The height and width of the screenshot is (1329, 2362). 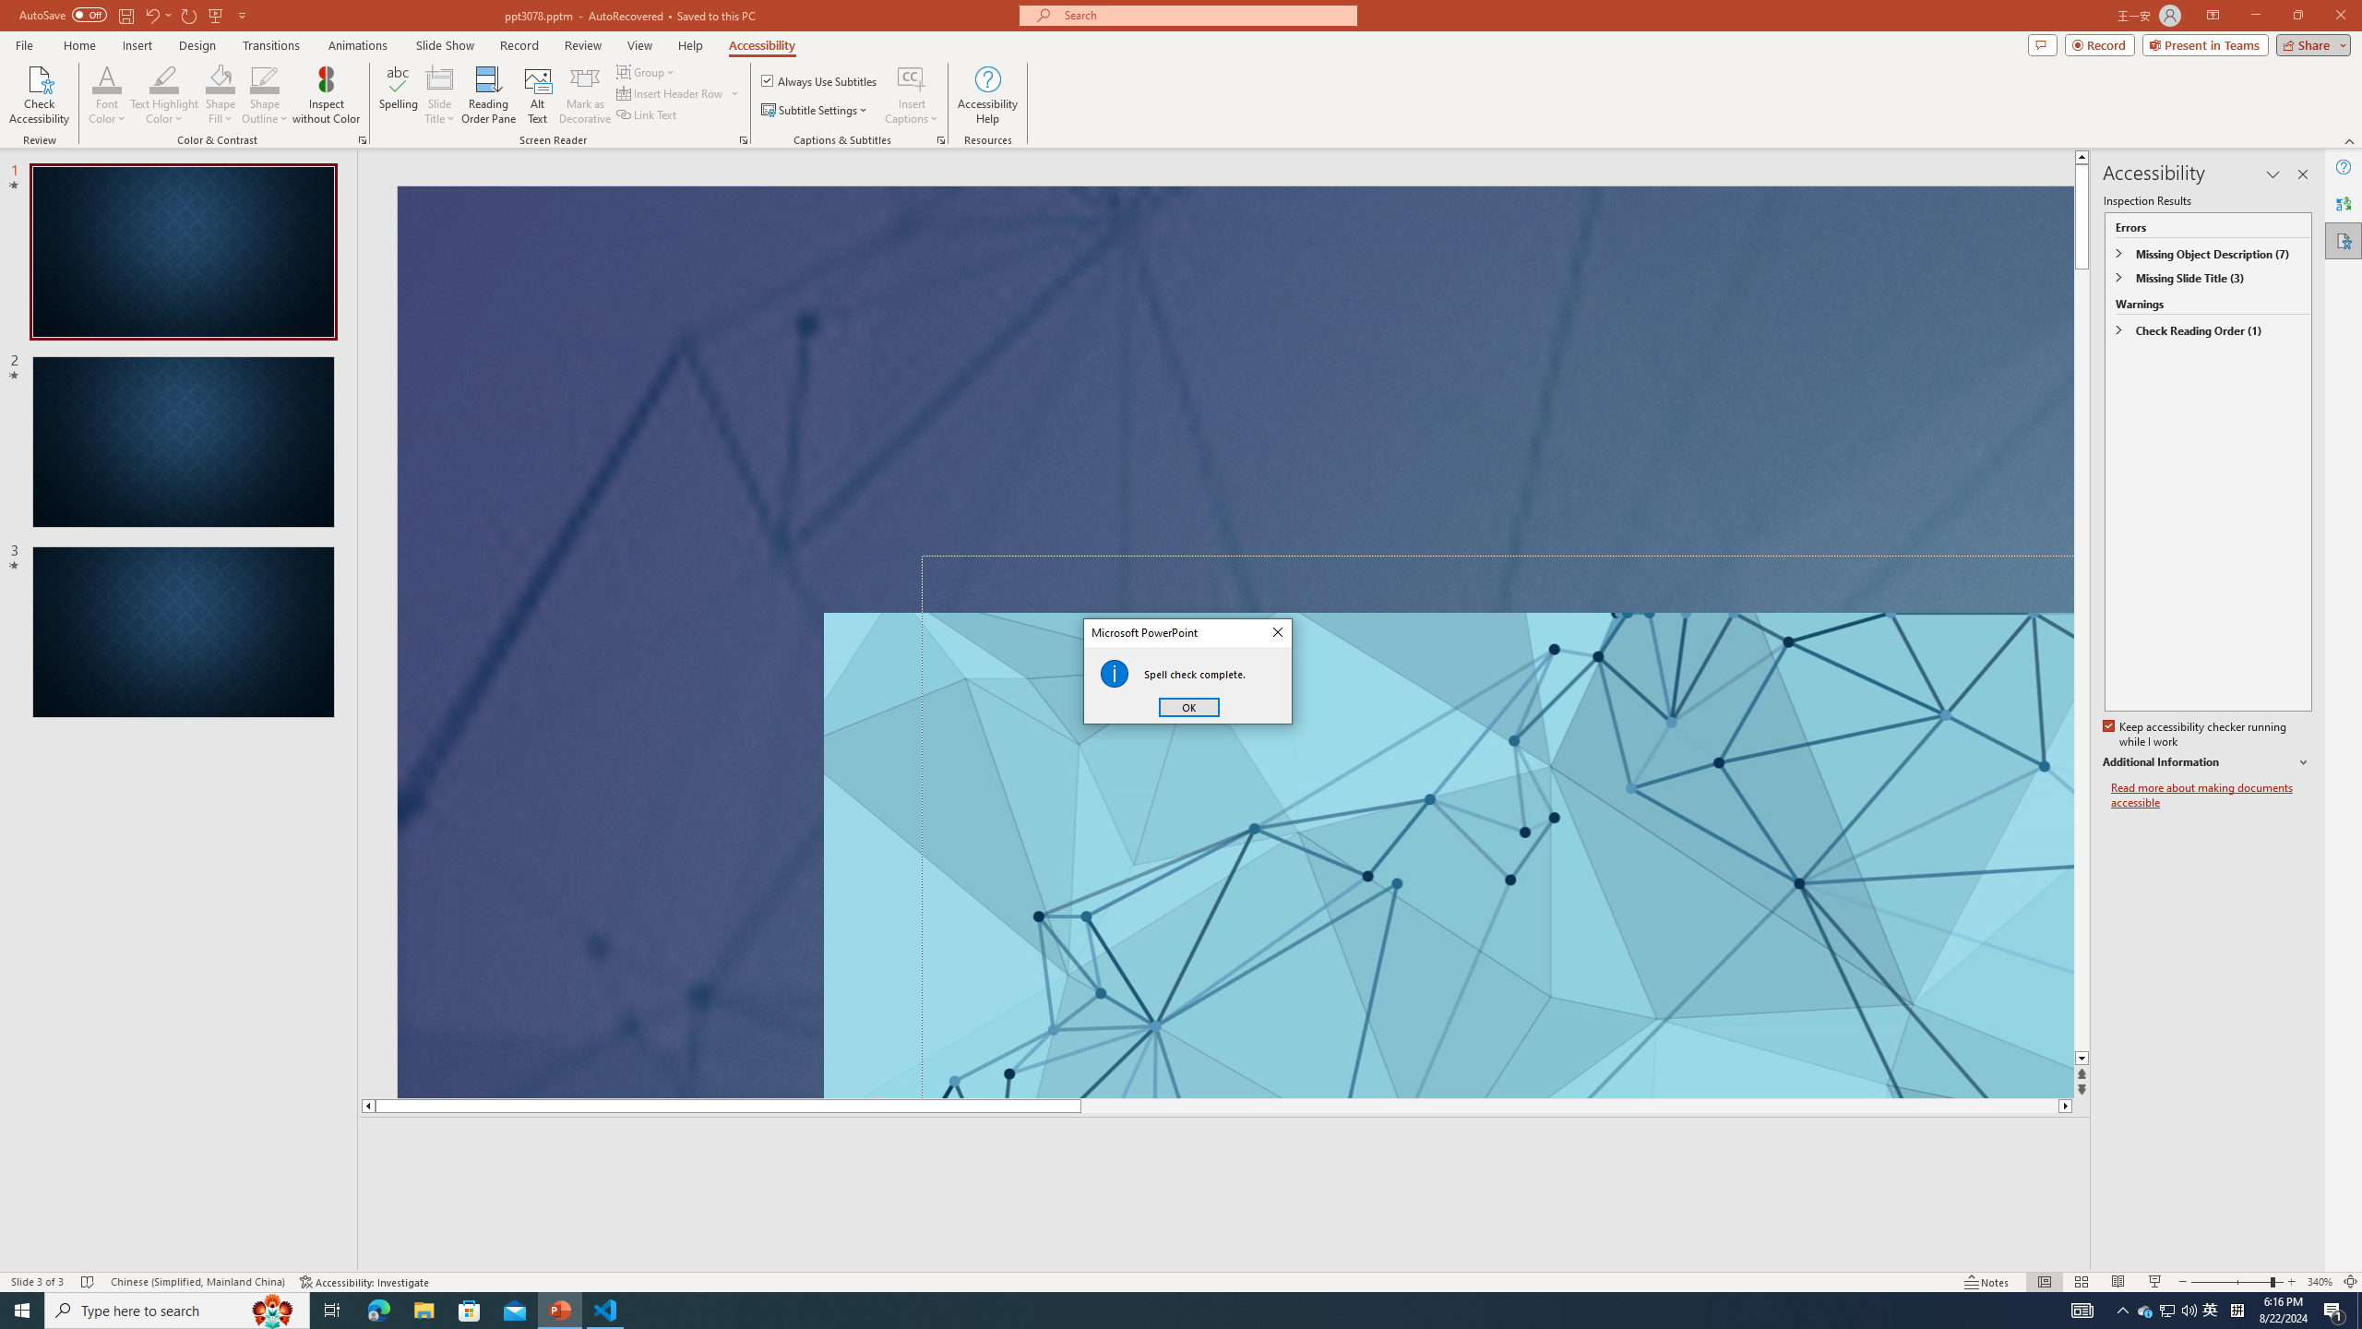 I want to click on 'Insert Captions', so click(x=911, y=78).